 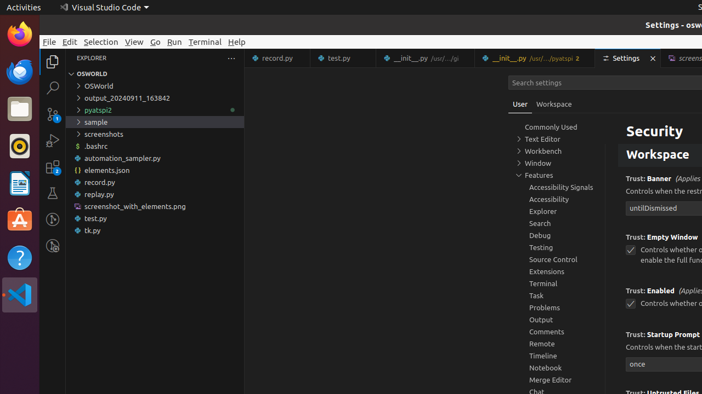 What do you see at coordinates (557, 282) in the screenshot?
I see `'Terminal, group'` at bounding box center [557, 282].